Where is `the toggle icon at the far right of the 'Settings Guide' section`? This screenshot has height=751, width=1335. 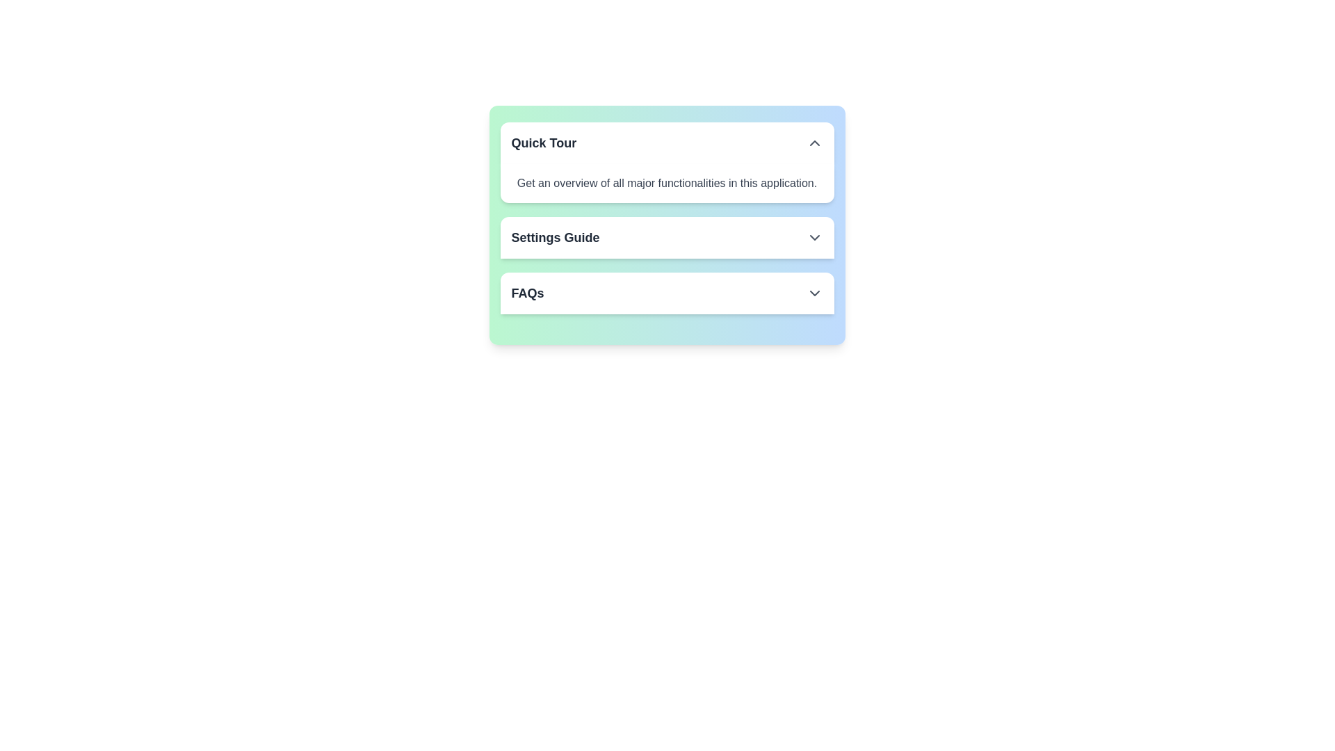
the toggle icon at the far right of the 'Settings Guide' section is located at coordinates (814, 237).